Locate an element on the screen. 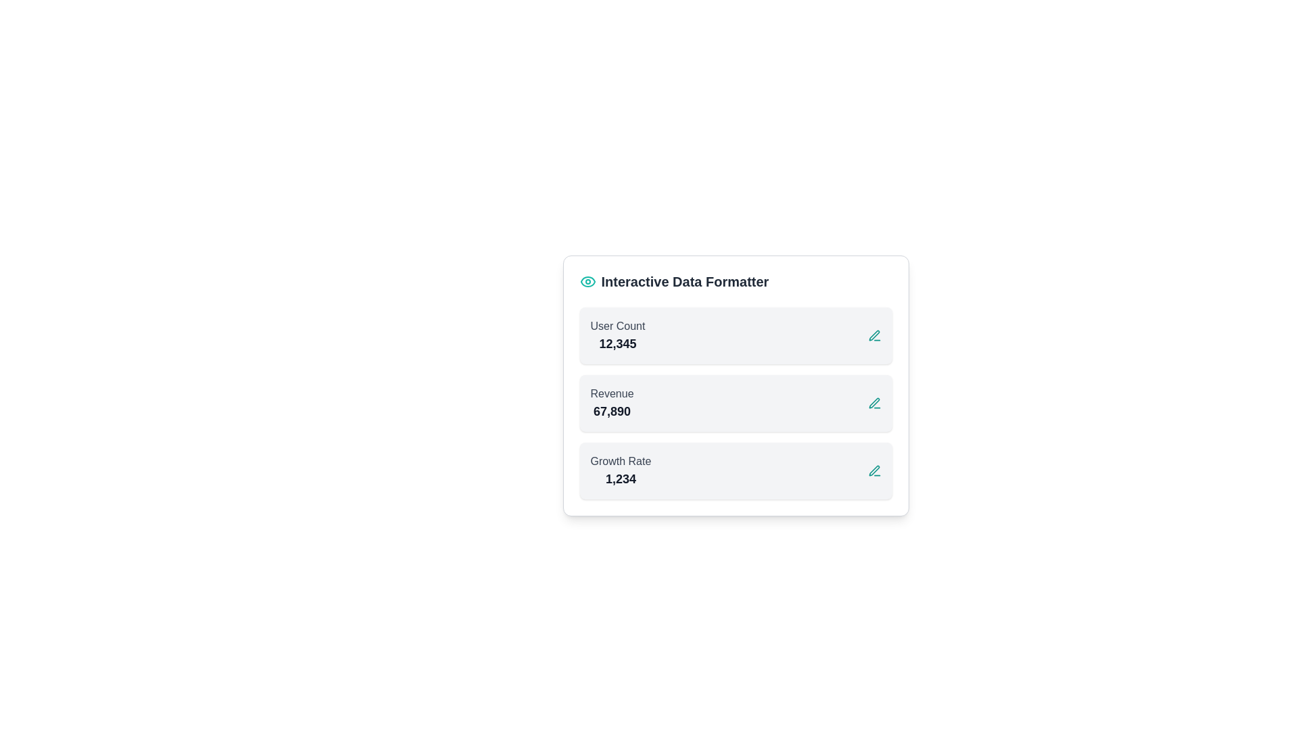 The width and height of the screenshot is (1298, 730). the text label that serves as a heading or title for the section, located above the data rows in the card layout is located at coordinates (685, 281).